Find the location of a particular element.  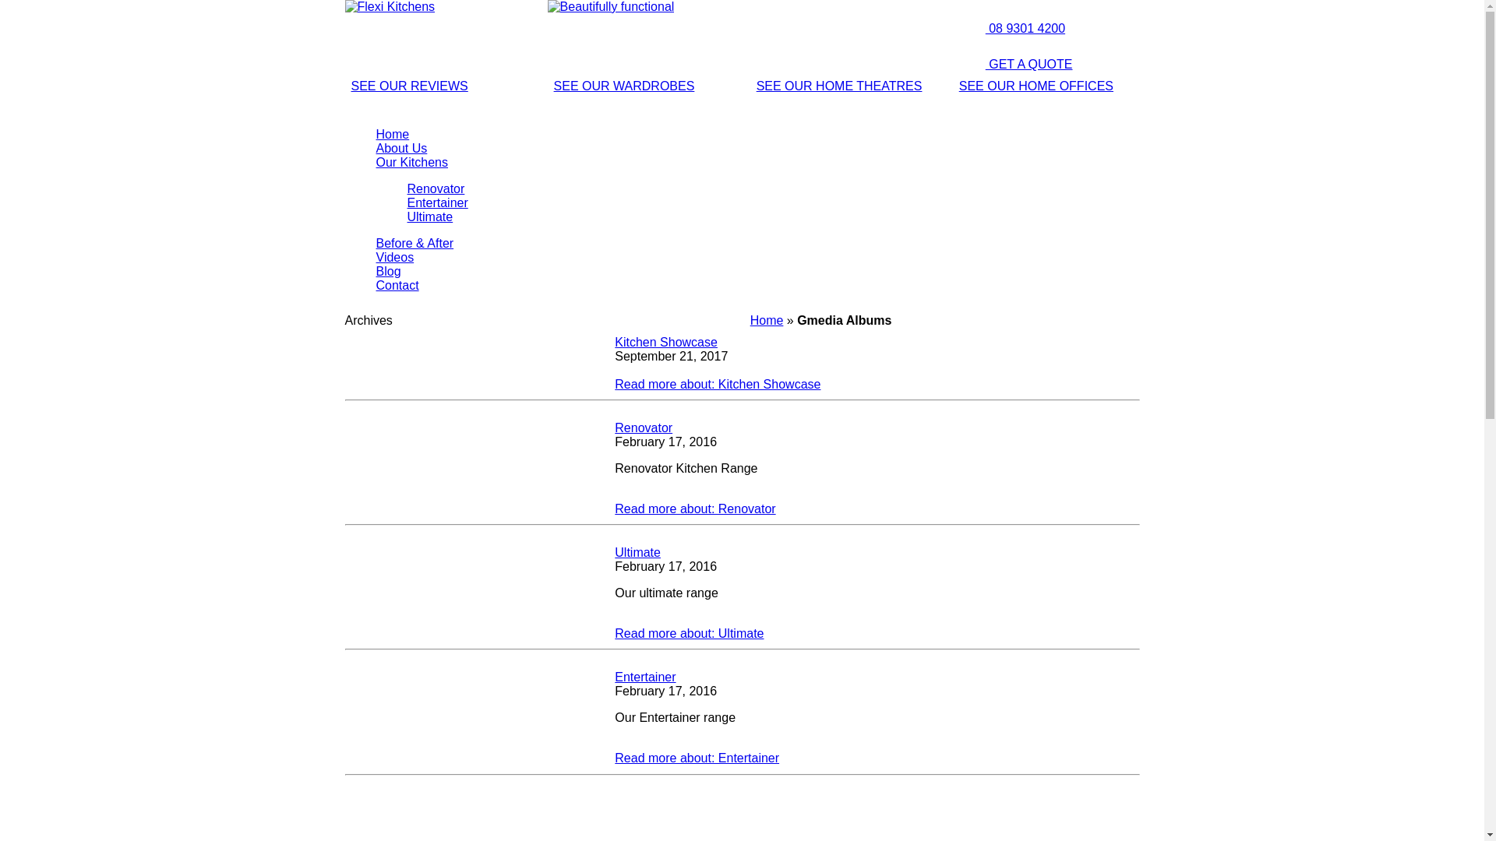

'08 9301 4200' is located at coordinates (1009, 28).